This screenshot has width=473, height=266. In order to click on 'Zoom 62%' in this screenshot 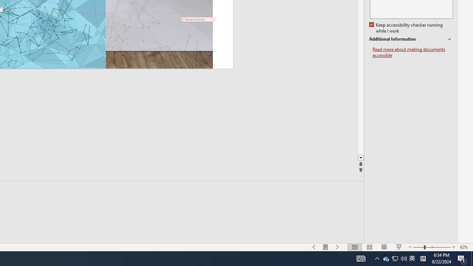, I will do `click(465, 247)`.